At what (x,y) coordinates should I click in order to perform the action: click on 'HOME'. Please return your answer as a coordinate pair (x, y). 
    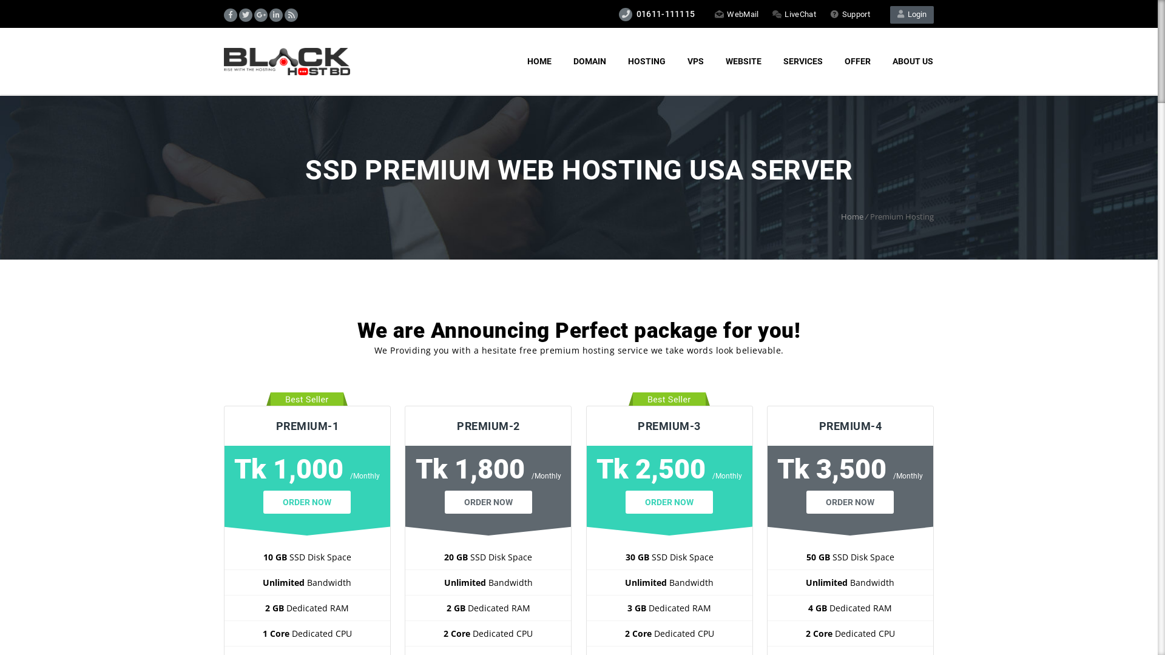
    Looking at the image, I should click on (538, 61).